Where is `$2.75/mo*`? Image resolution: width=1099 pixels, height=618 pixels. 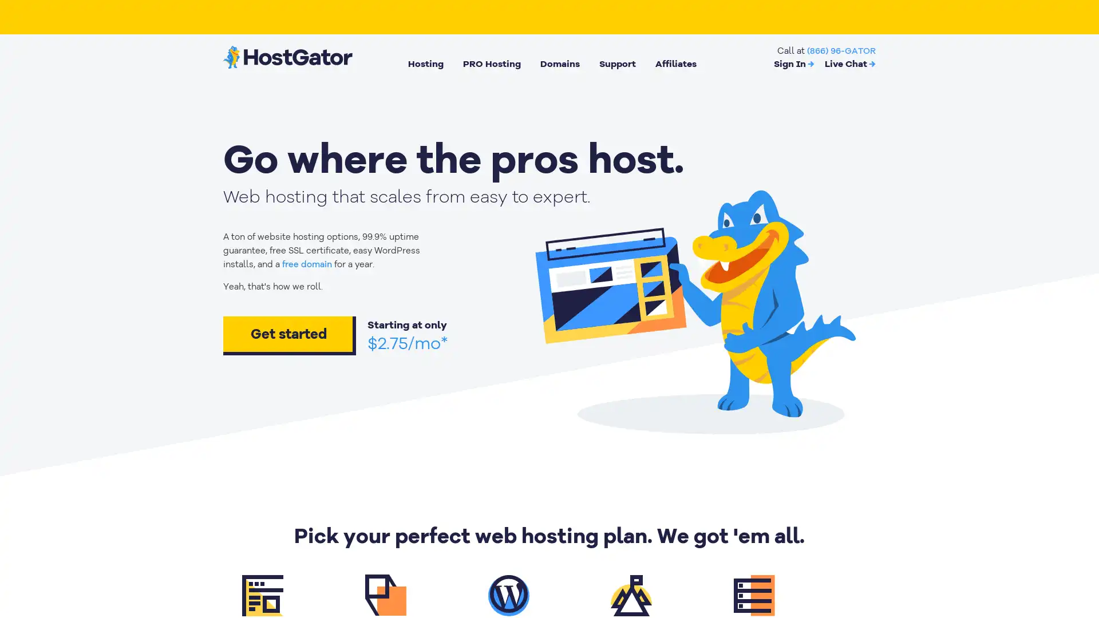
$2.75/mo* is located at coordinates (408, 343).